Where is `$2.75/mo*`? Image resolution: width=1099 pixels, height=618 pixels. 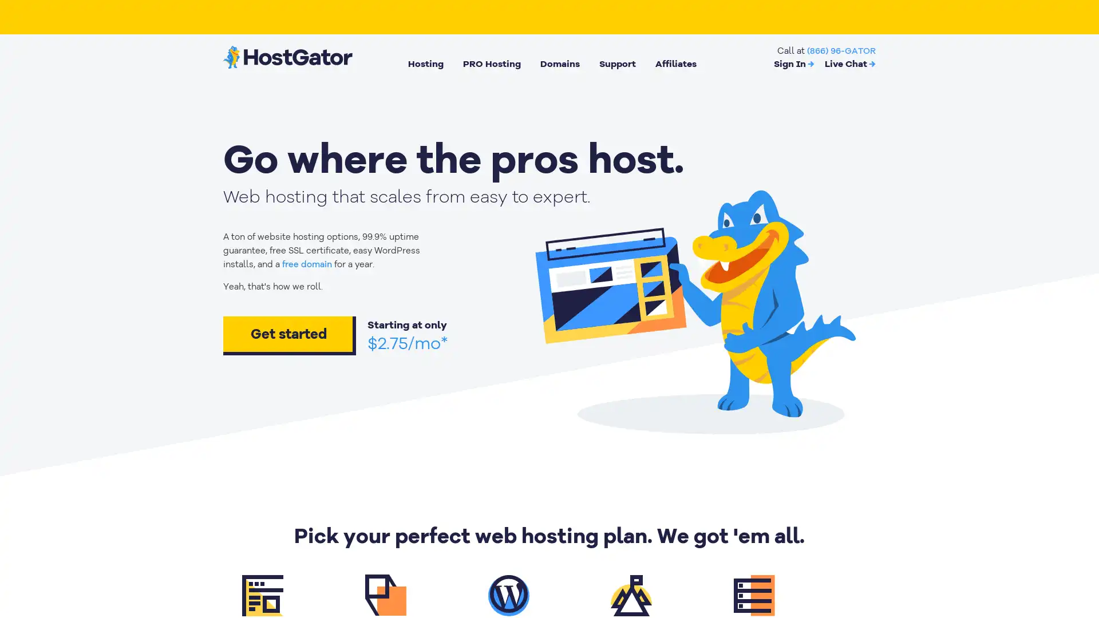
$2.75/mo* is located at coordinates (408, 343).